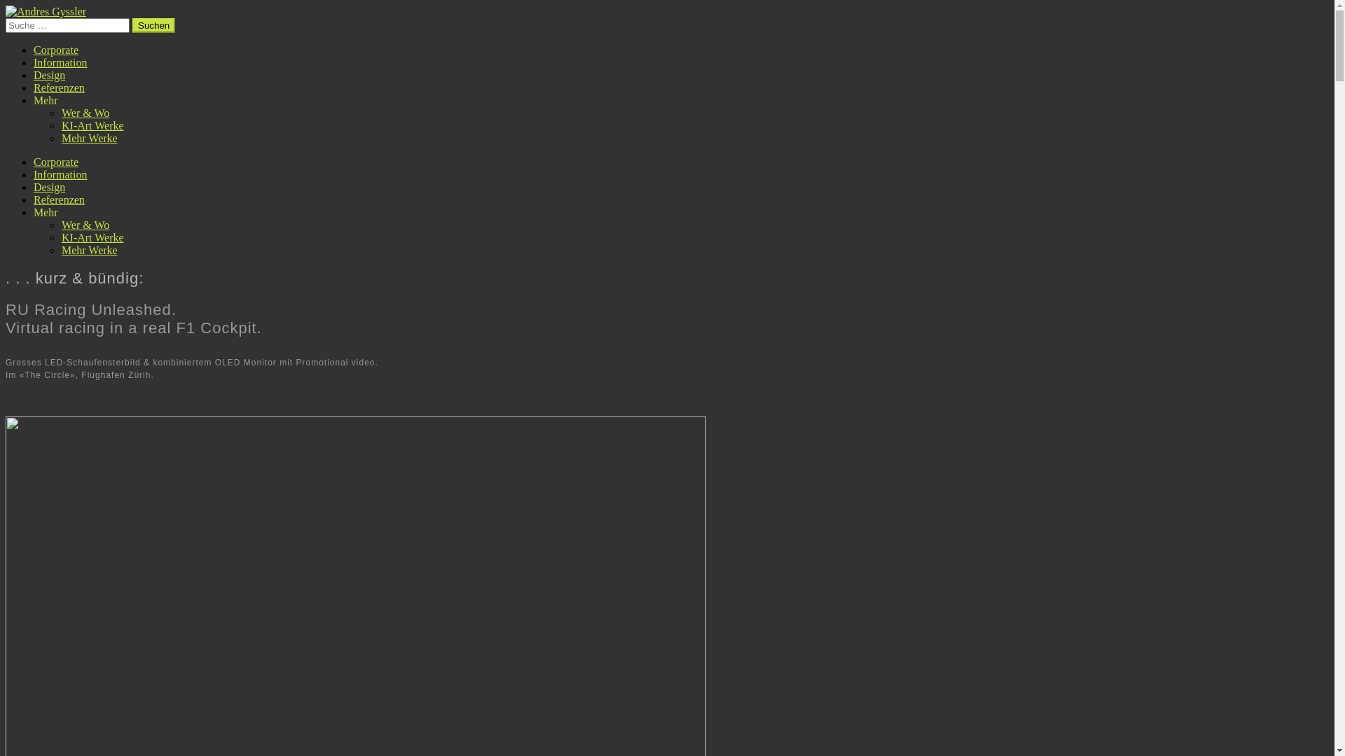 This screenshot has height=756, width=1345. I want to click on 'KI-Art Werke', so click(60, 237).